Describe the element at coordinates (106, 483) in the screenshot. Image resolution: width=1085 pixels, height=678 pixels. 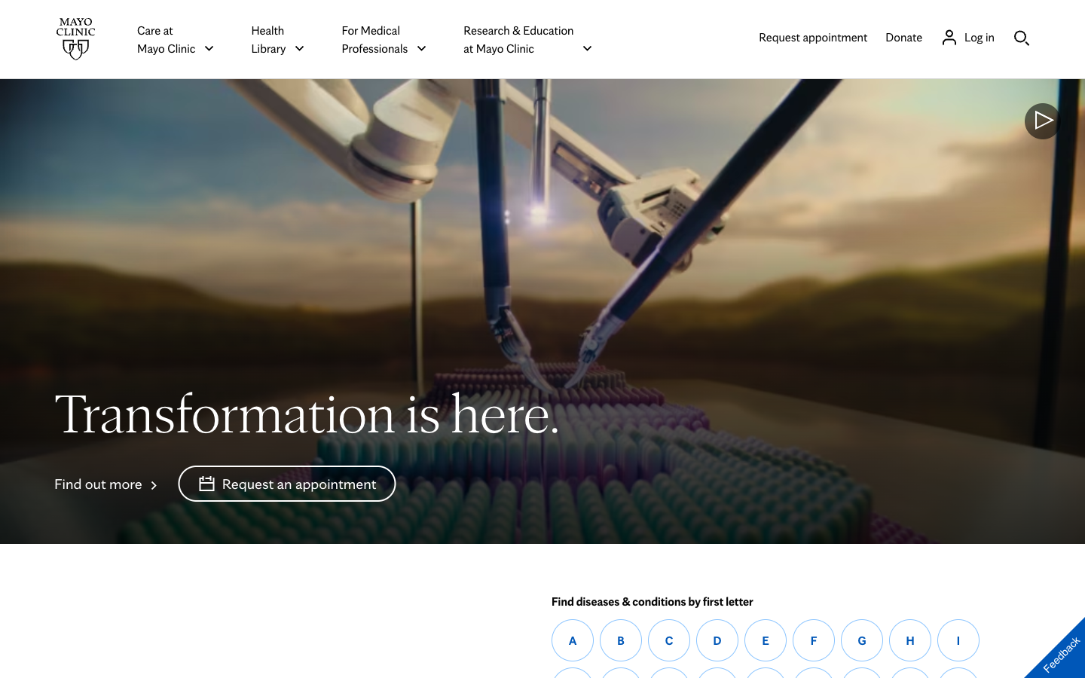
I see `a study on the changes observed at Mayo Clinic` at that location.